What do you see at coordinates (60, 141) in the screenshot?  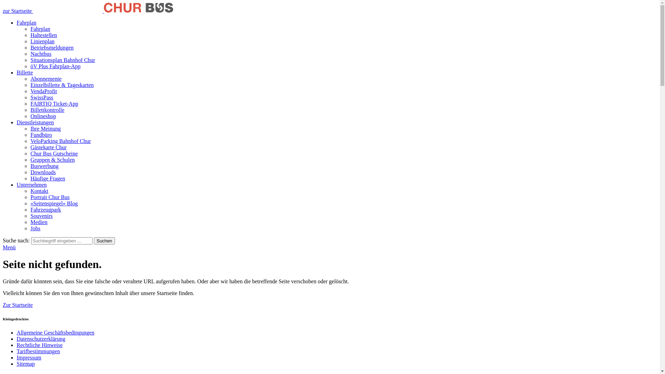 I see `'VeloParking Bahnhof Chur'` at bounding box center [60, 141].